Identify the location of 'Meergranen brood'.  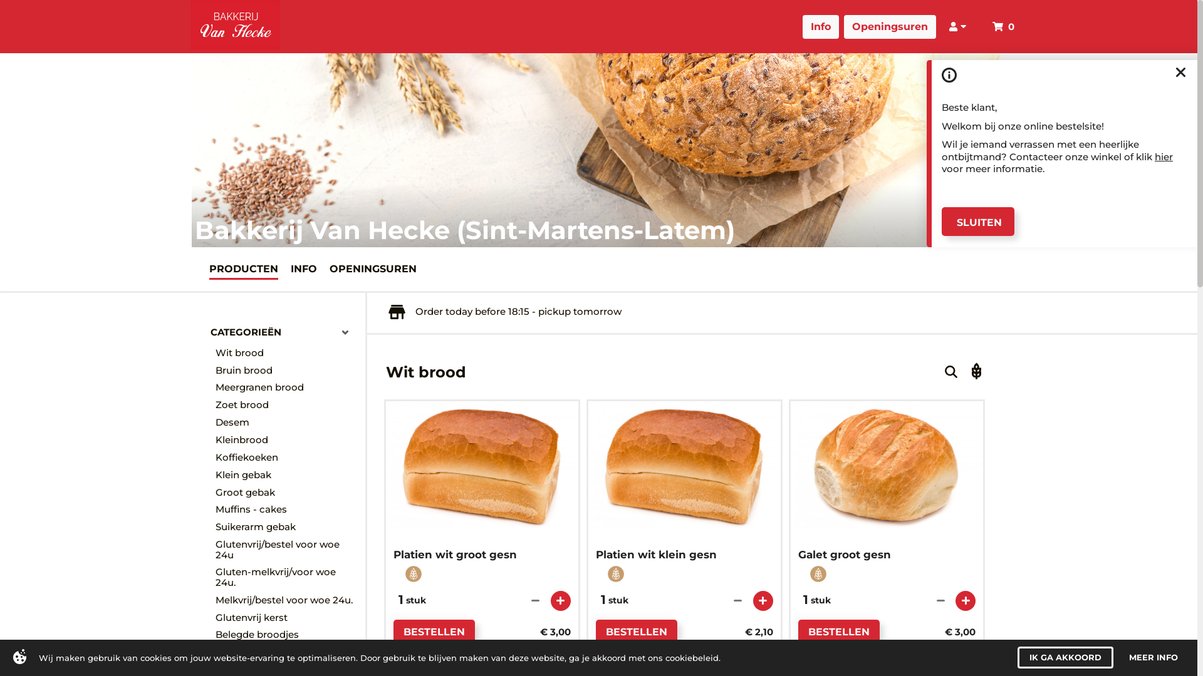
(286, 387).